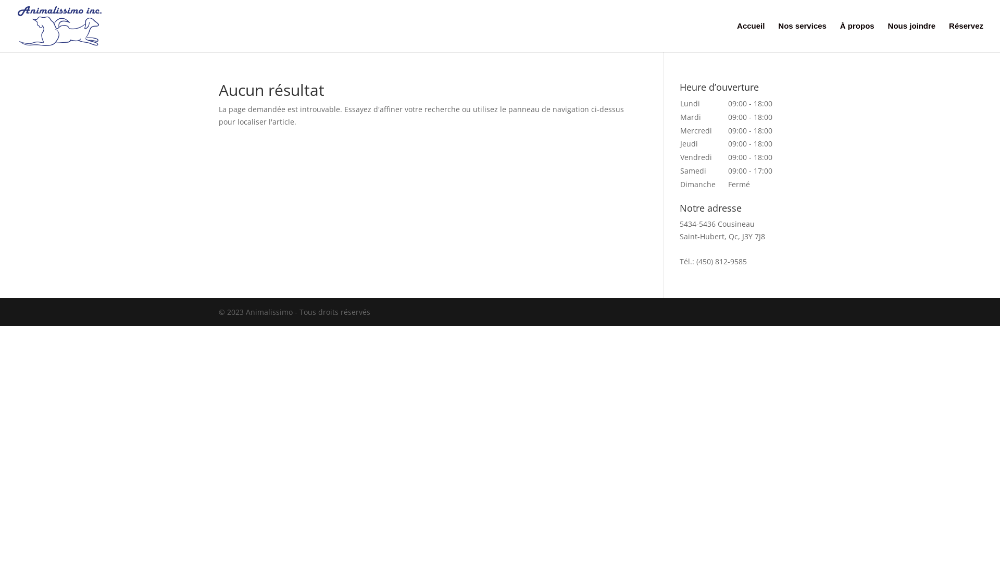 The image size is (1000, 563). Describe the element at coordinates (778, 36) in the screenshot. I see `'Nos services'` at that location.